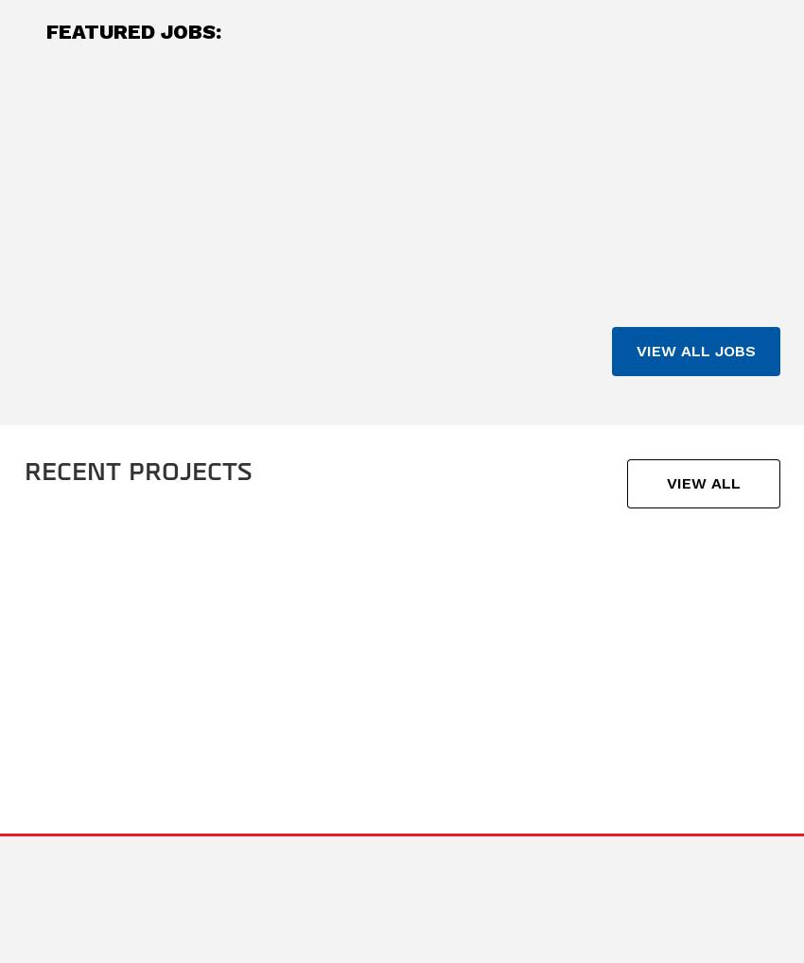 This screenshot has height=963, width=804. I want to click on 'View All Jobs', so click(694, 350).